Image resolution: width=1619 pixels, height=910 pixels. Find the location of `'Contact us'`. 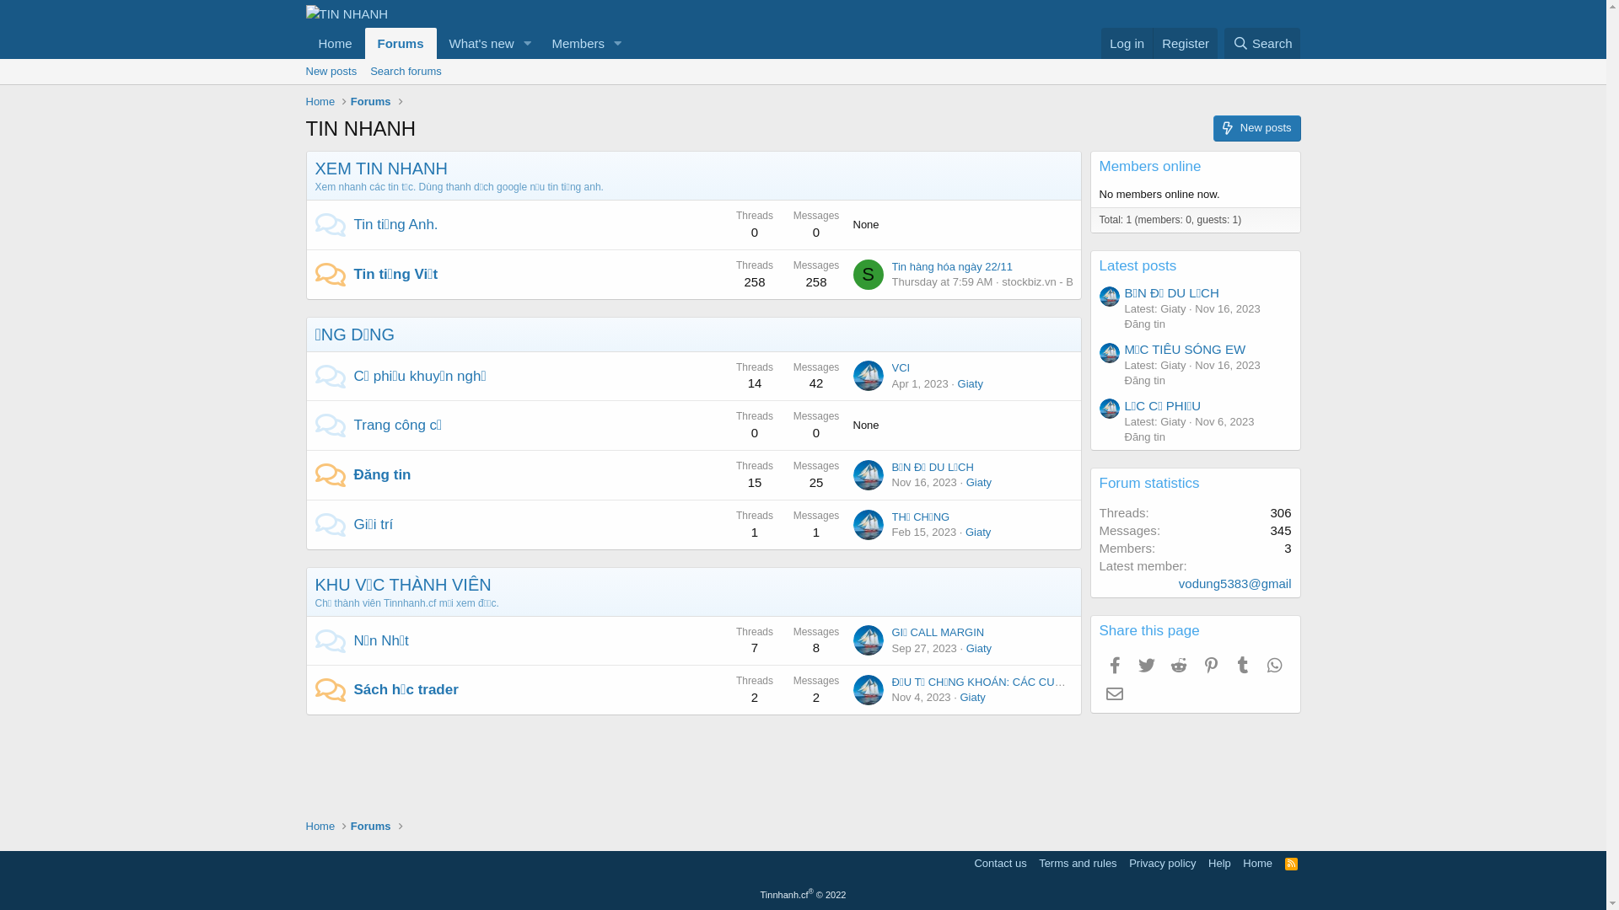

'Contact us' is located at coordinates (999, 863).